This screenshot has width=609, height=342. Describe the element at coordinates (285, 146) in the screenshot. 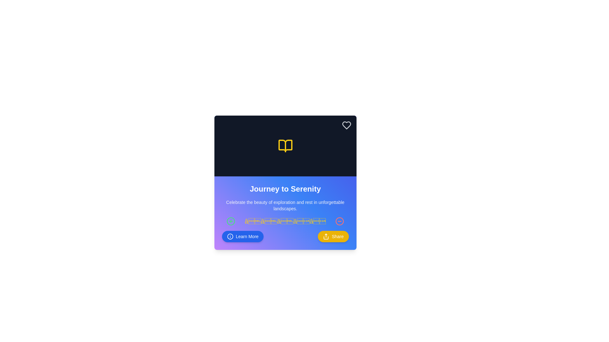

I see `the open book icon, which is displayed with yellow strokes on a dark navy-blue background, located at the center of the banner at the top of the card` at that location.